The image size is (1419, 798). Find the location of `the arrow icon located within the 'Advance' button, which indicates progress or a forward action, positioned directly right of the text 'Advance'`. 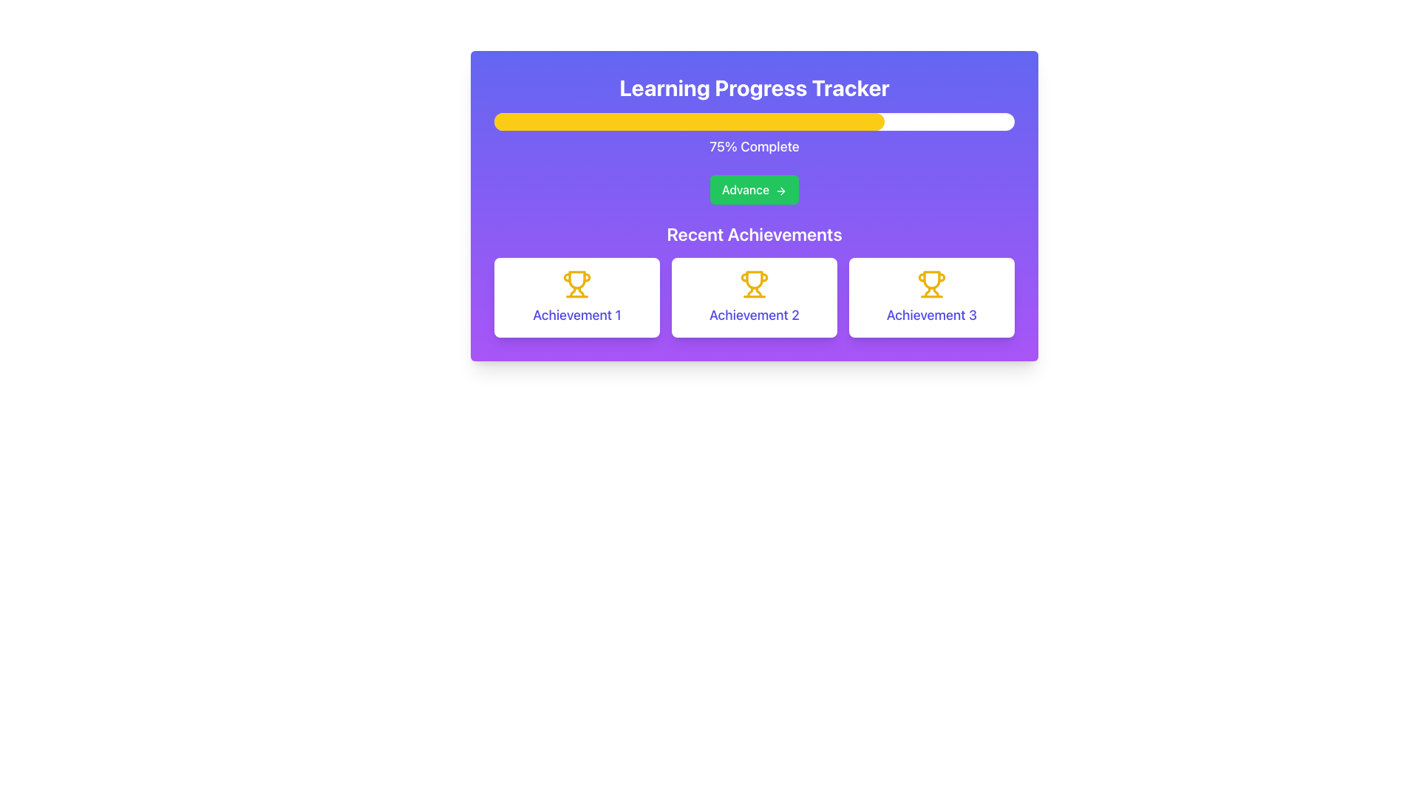

the arrow icon located within the 'Advance' button, which indicates progress or a forward action, positioned directly right of the text 'Advance' is located at coordinates (780, 190).